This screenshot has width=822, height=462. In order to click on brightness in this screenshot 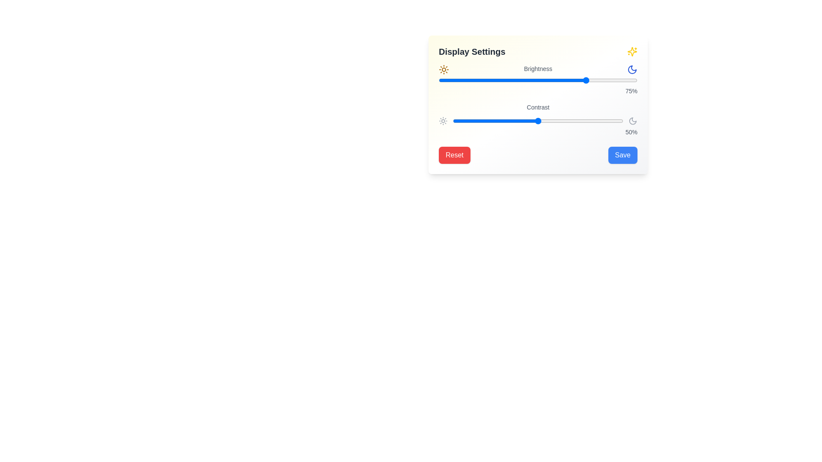, I will do `click(601, 80)`.